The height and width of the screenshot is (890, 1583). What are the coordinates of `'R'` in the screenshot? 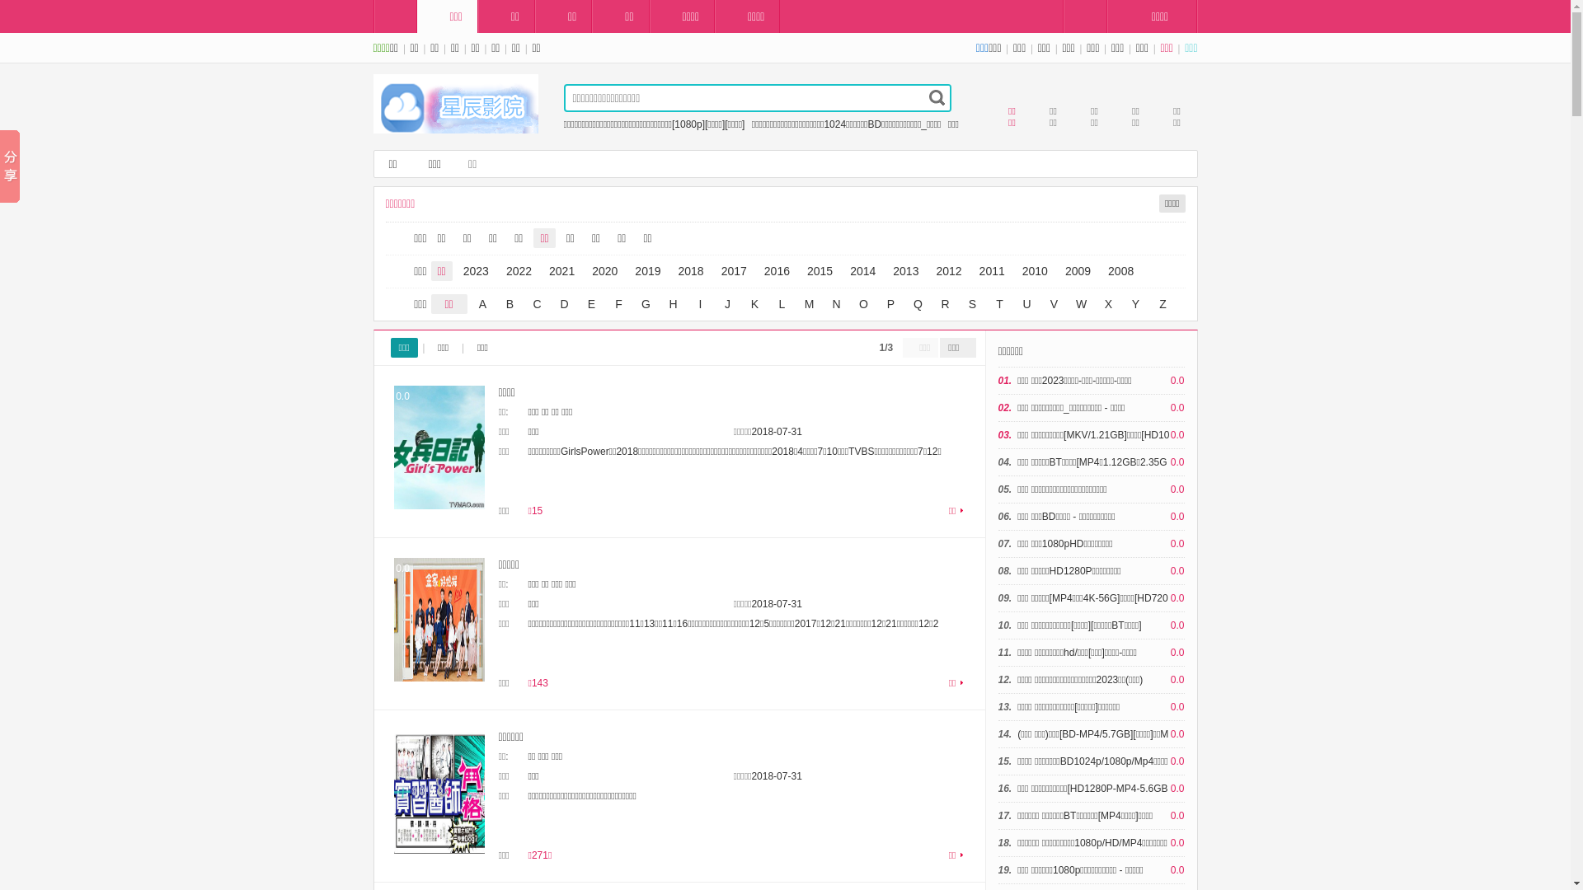 It's located at (945, 304).